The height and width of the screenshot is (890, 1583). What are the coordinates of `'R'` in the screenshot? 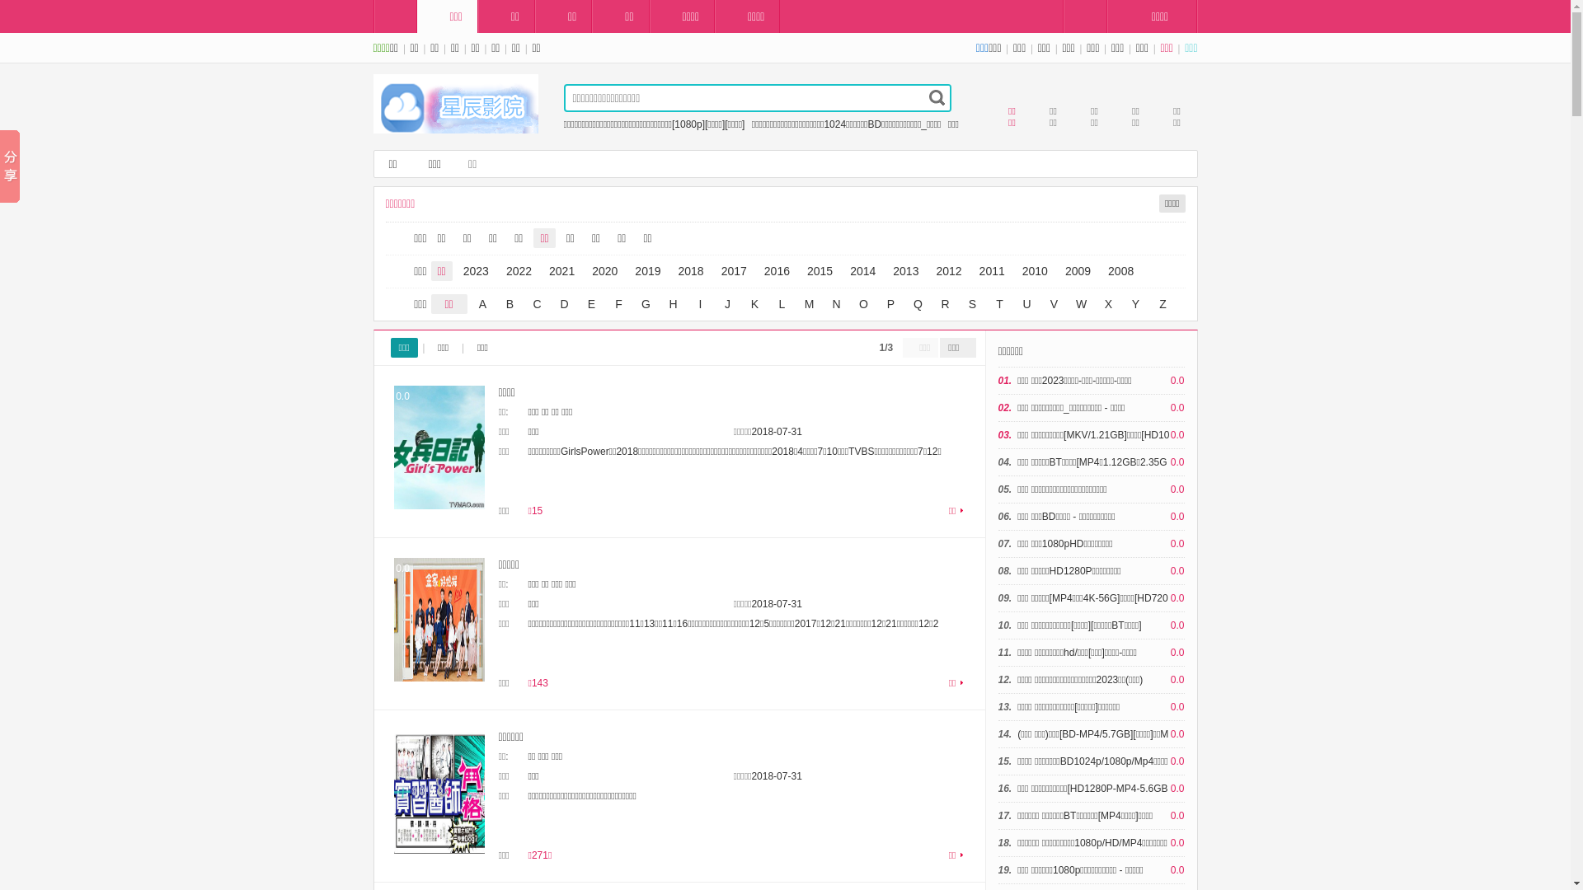 It's located at (945, 304).